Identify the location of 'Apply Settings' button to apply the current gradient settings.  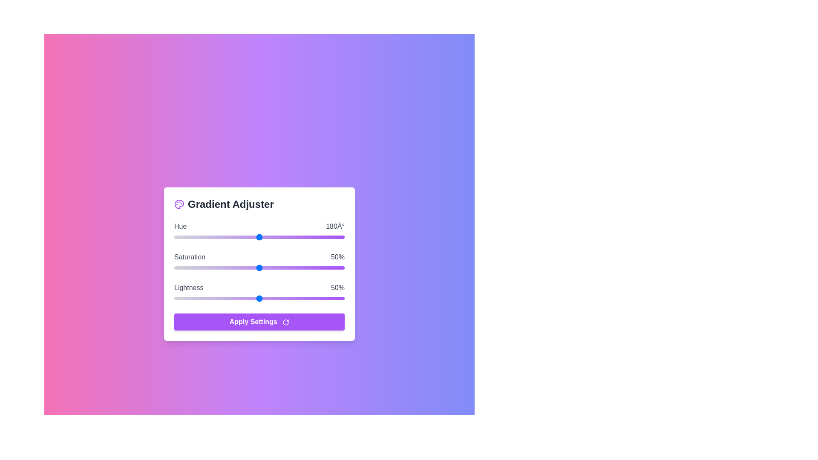
(259, 322).